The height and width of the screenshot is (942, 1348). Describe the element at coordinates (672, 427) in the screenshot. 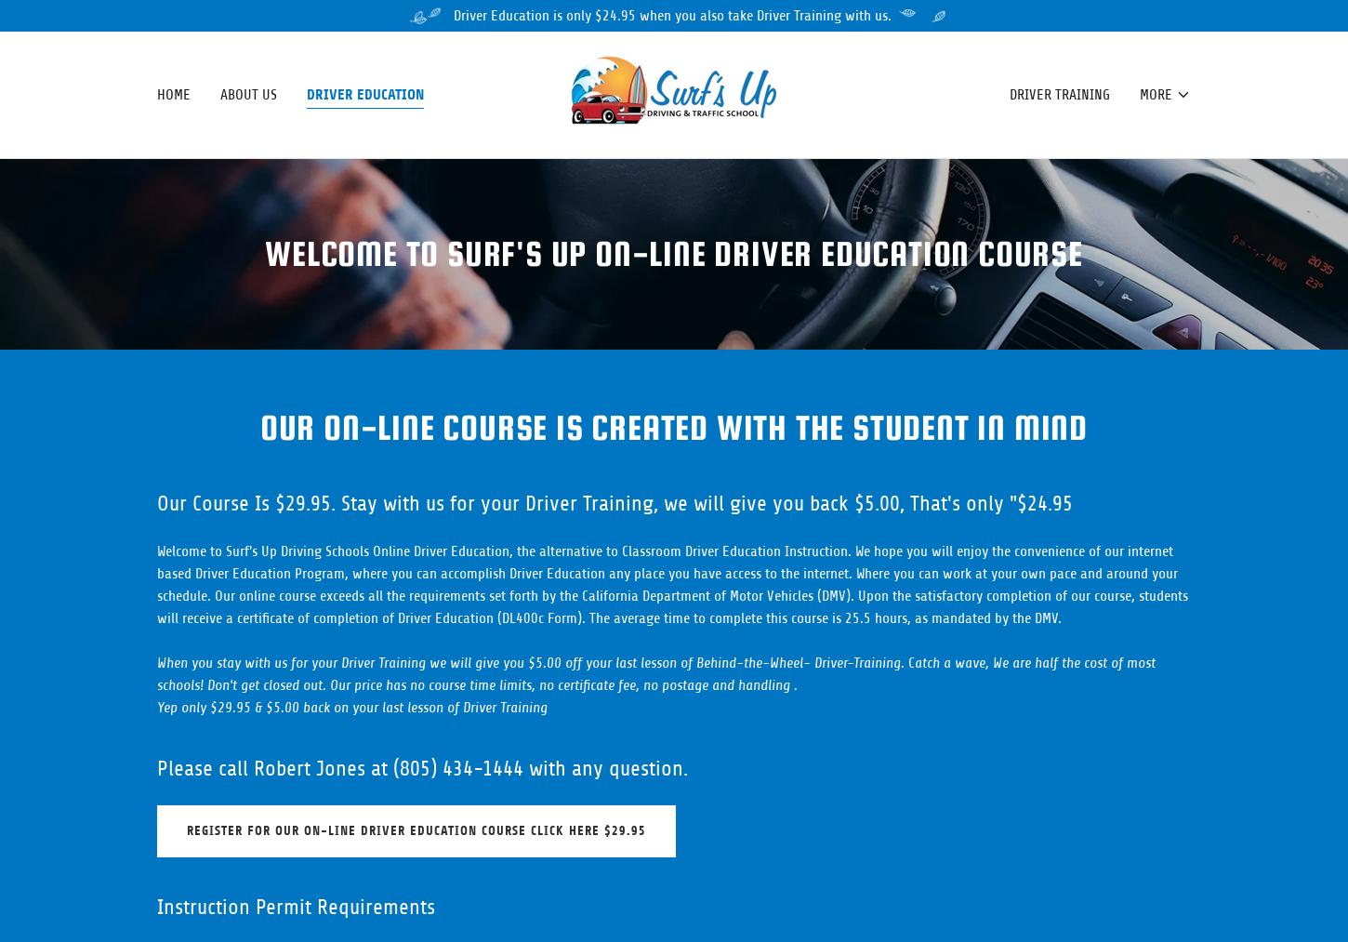

I see `'Our On-line course is created with the student in mind'` at that location.